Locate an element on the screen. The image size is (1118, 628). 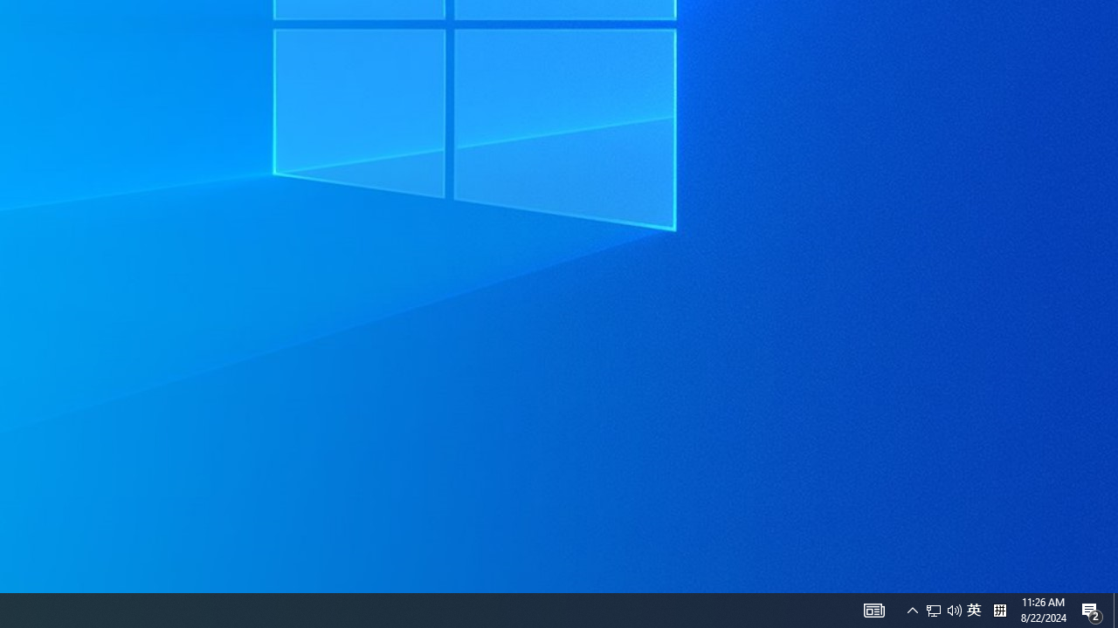
'Action Center, 2 new notifications' is located at coordinates (1115, 609).